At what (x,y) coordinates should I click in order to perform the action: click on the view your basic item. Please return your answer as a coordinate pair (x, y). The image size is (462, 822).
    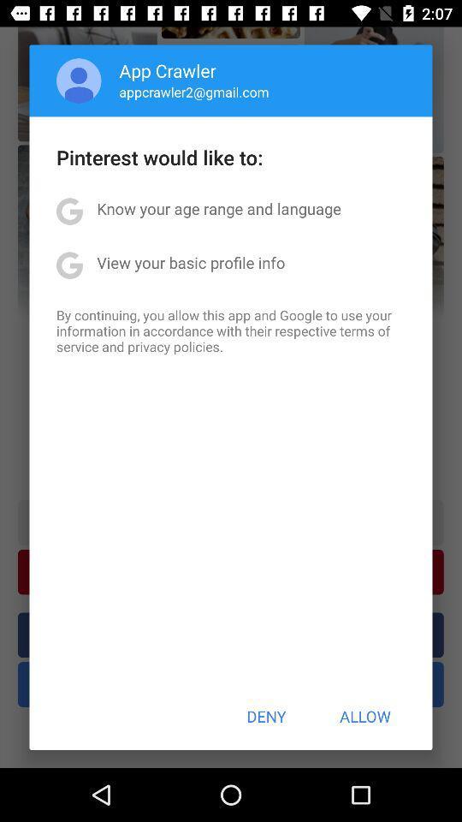
    Looking at the image, I should click on (190, 262).